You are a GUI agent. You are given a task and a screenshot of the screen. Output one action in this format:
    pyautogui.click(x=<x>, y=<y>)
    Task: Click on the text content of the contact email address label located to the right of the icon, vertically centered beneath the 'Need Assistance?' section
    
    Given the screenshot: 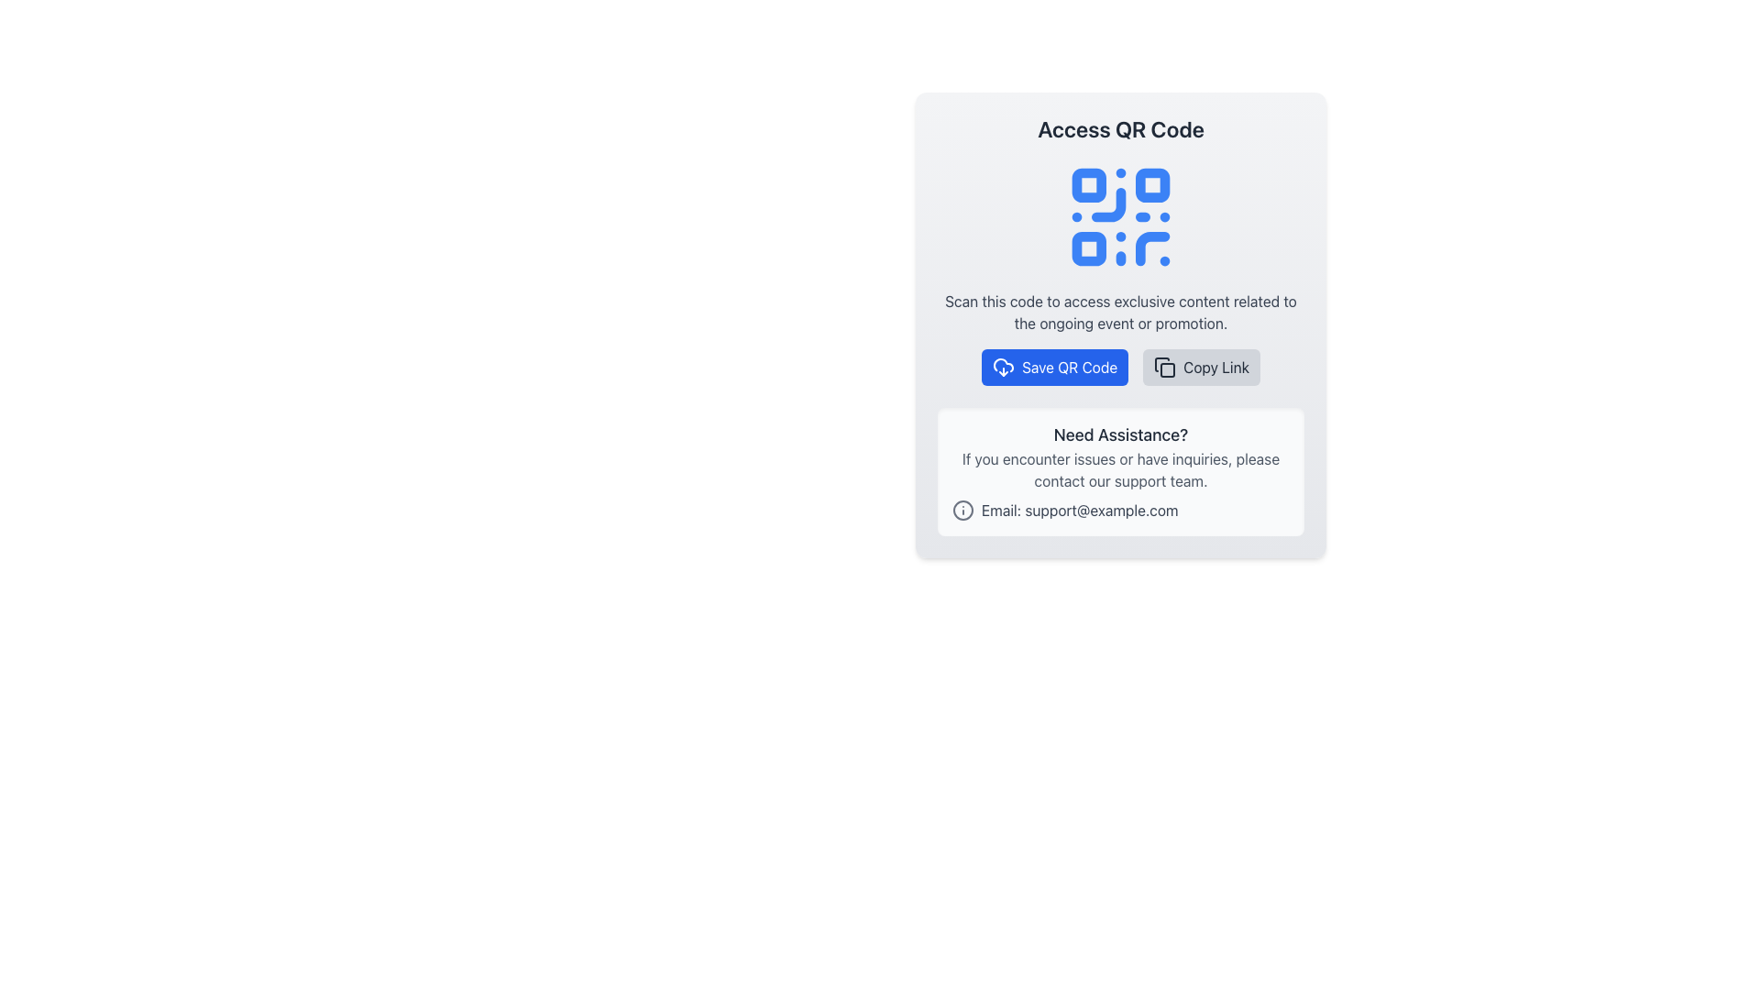 What is the action you would take?
    pyautogui.click(x=1080, y=510)
    